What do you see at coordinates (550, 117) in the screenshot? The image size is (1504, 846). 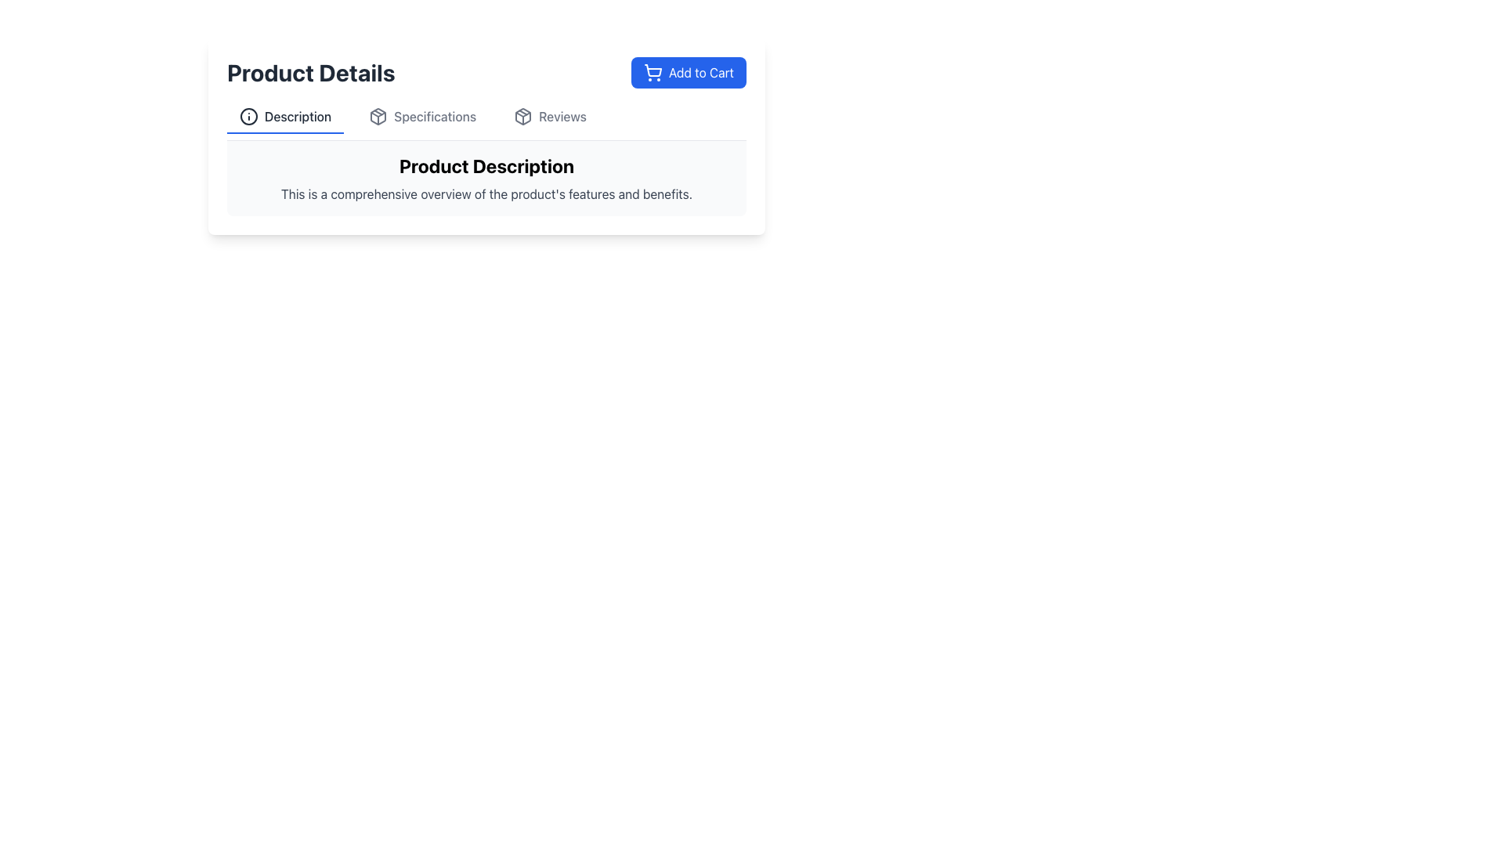 I see `the 'Reviews' tab, which has a package box icon and is the third tab from the left in the horizontal tab row under 'Product Details', to switch to the 'Reviews' section` at bounding box center [550, 117].